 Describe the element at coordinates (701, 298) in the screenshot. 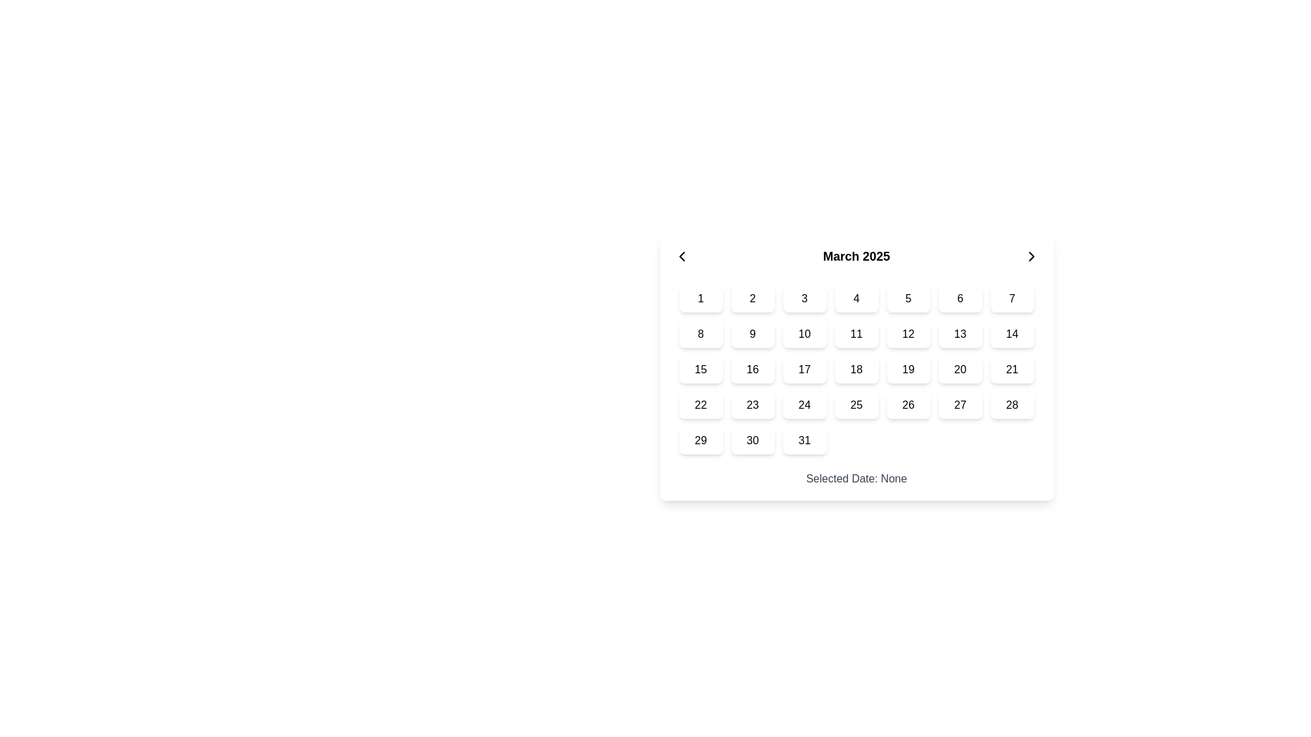

I see `the button representing the first day of the calendar month` at that location.